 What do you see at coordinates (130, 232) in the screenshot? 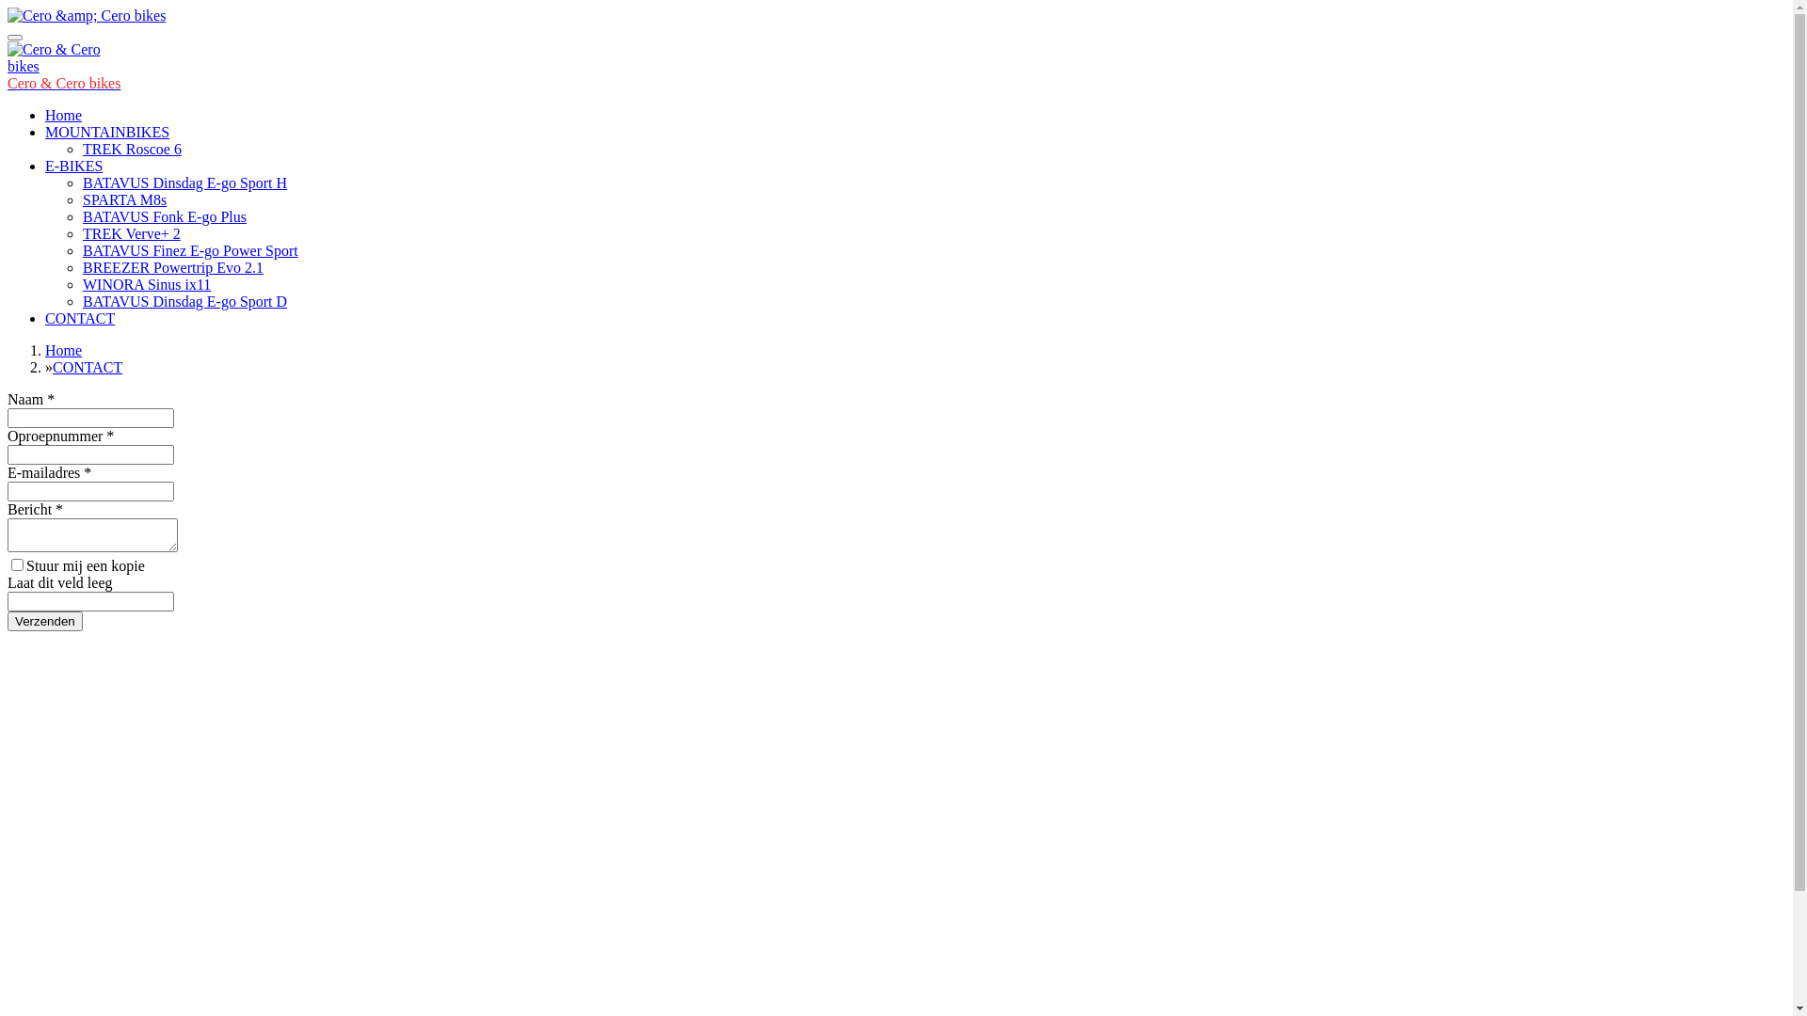
I see `'TREK Verve+ 2'` at bounding box center [130, 232].